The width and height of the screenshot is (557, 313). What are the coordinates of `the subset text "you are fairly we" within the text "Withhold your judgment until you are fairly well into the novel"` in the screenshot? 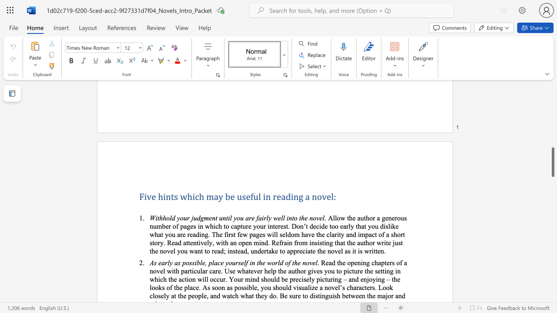 It's located at (233, 217).